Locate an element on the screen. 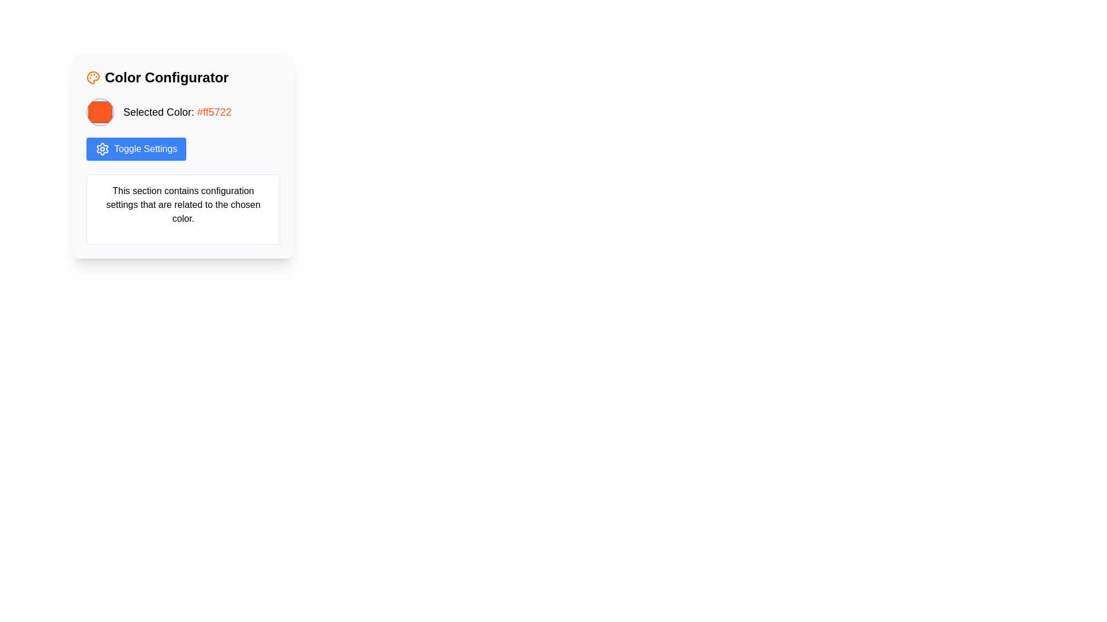 The width and height of the screenshot is (1107, 622). the circular orange palette icon located at the top-left corner of the 'Color Configurator' panel, which serves as an identifier for color selection is located at coordinates (93, 78).